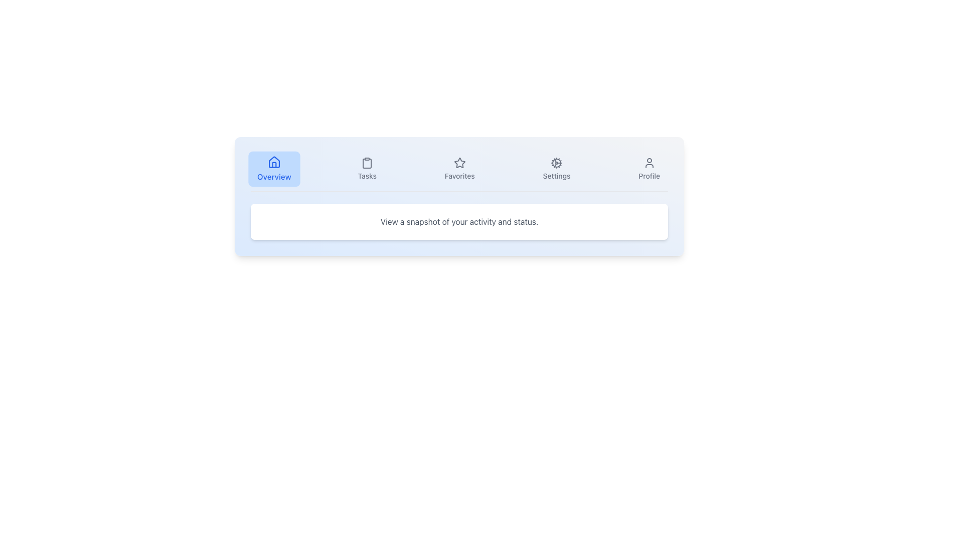 This screenshot has height=542, width=963. Describe the element at coordinates (274, 162) in the screenshot. I see `the house icon representing the 'Overview' section in the navigation bar` at that location.